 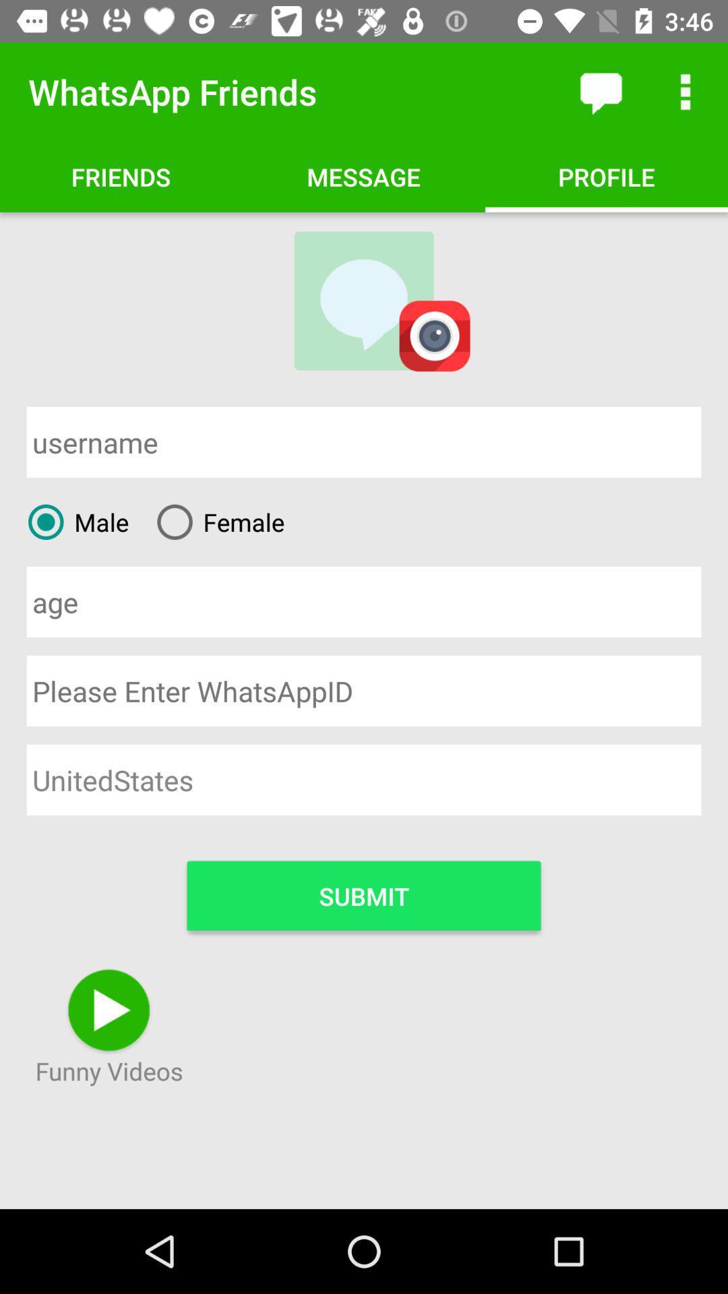 What do you see at coordinates (686, 91) in the screenshot?
I see `open menu options` at bounding box center [686, 91].